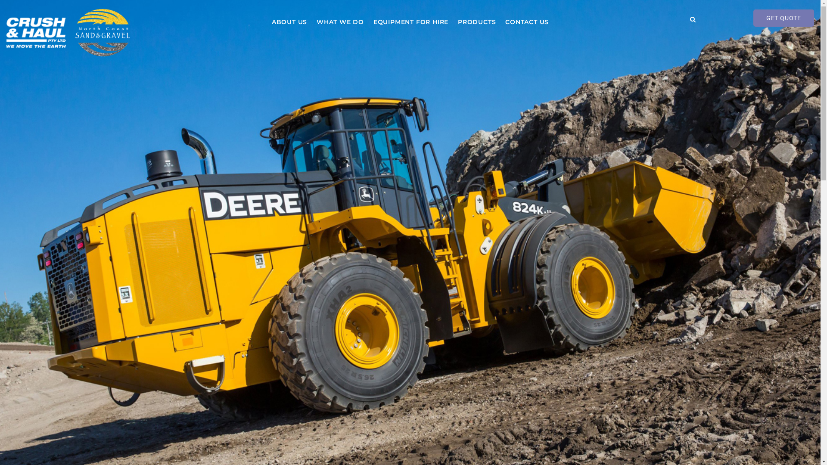  I want to click on 'GET QUOTE', so click(783, 18).